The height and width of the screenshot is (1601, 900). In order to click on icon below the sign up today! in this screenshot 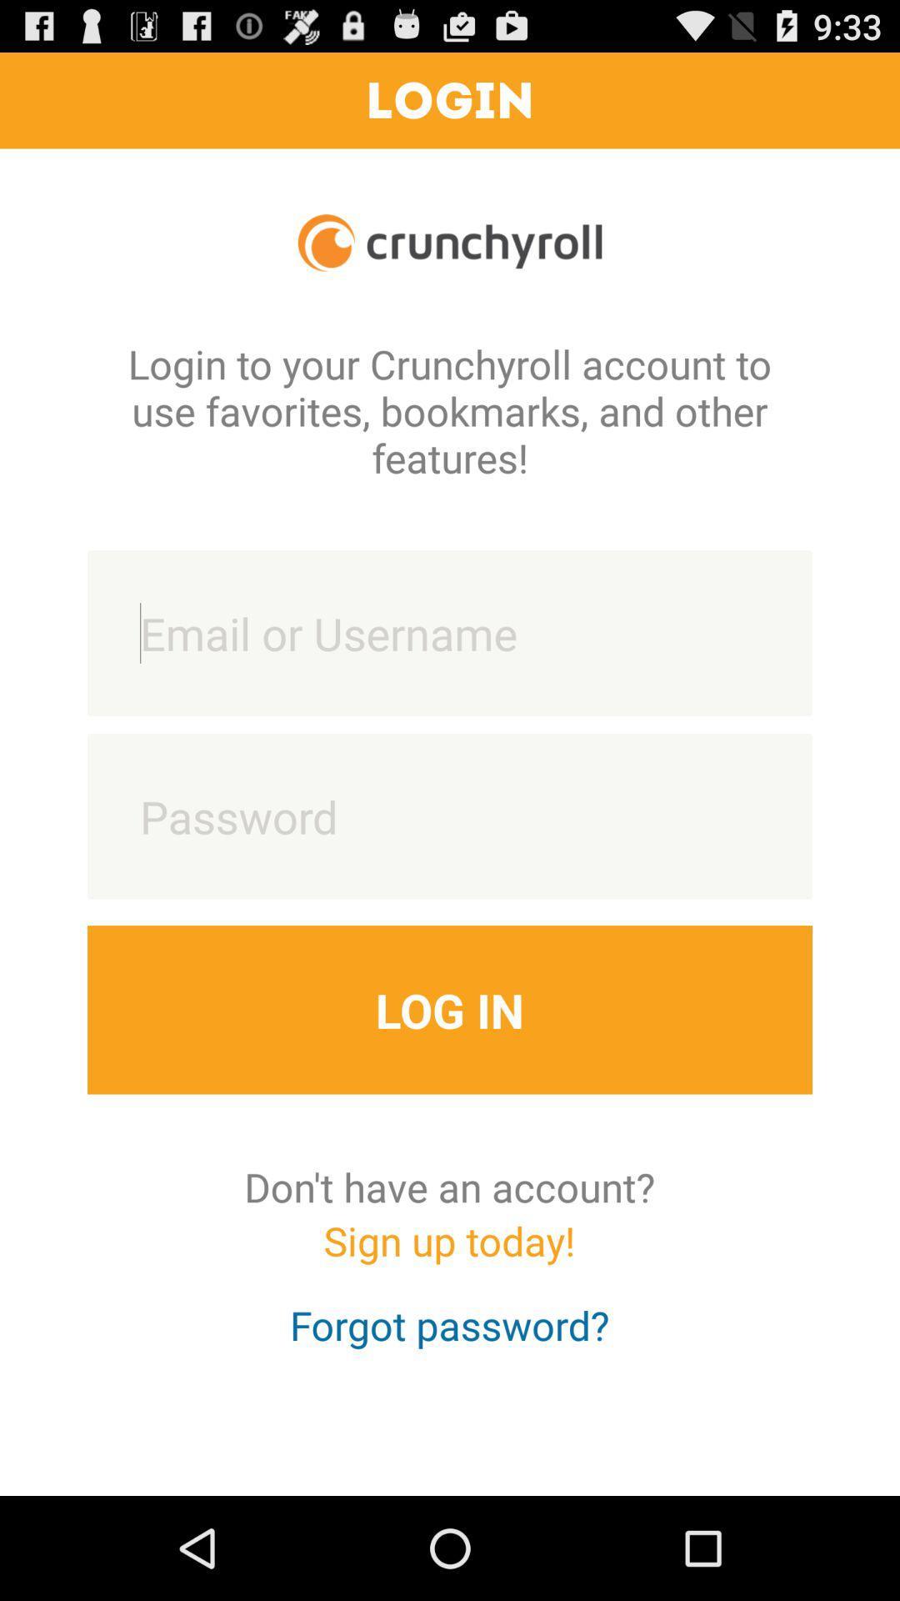, I will do `click(448, 1340)`.